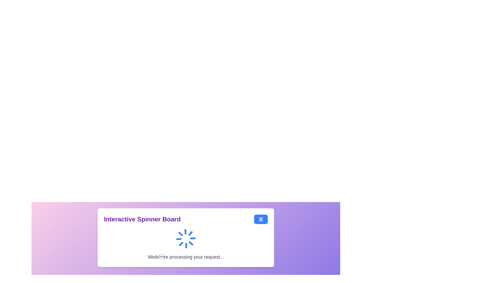 Image resolution: width=504 pixels, height=283 pixels. Describe the element at coordinates (262, 219) in the screenshot. I see `the right vertical bar of the pause icon within the blue circular button on the Interactive Spinner Board` at that location.